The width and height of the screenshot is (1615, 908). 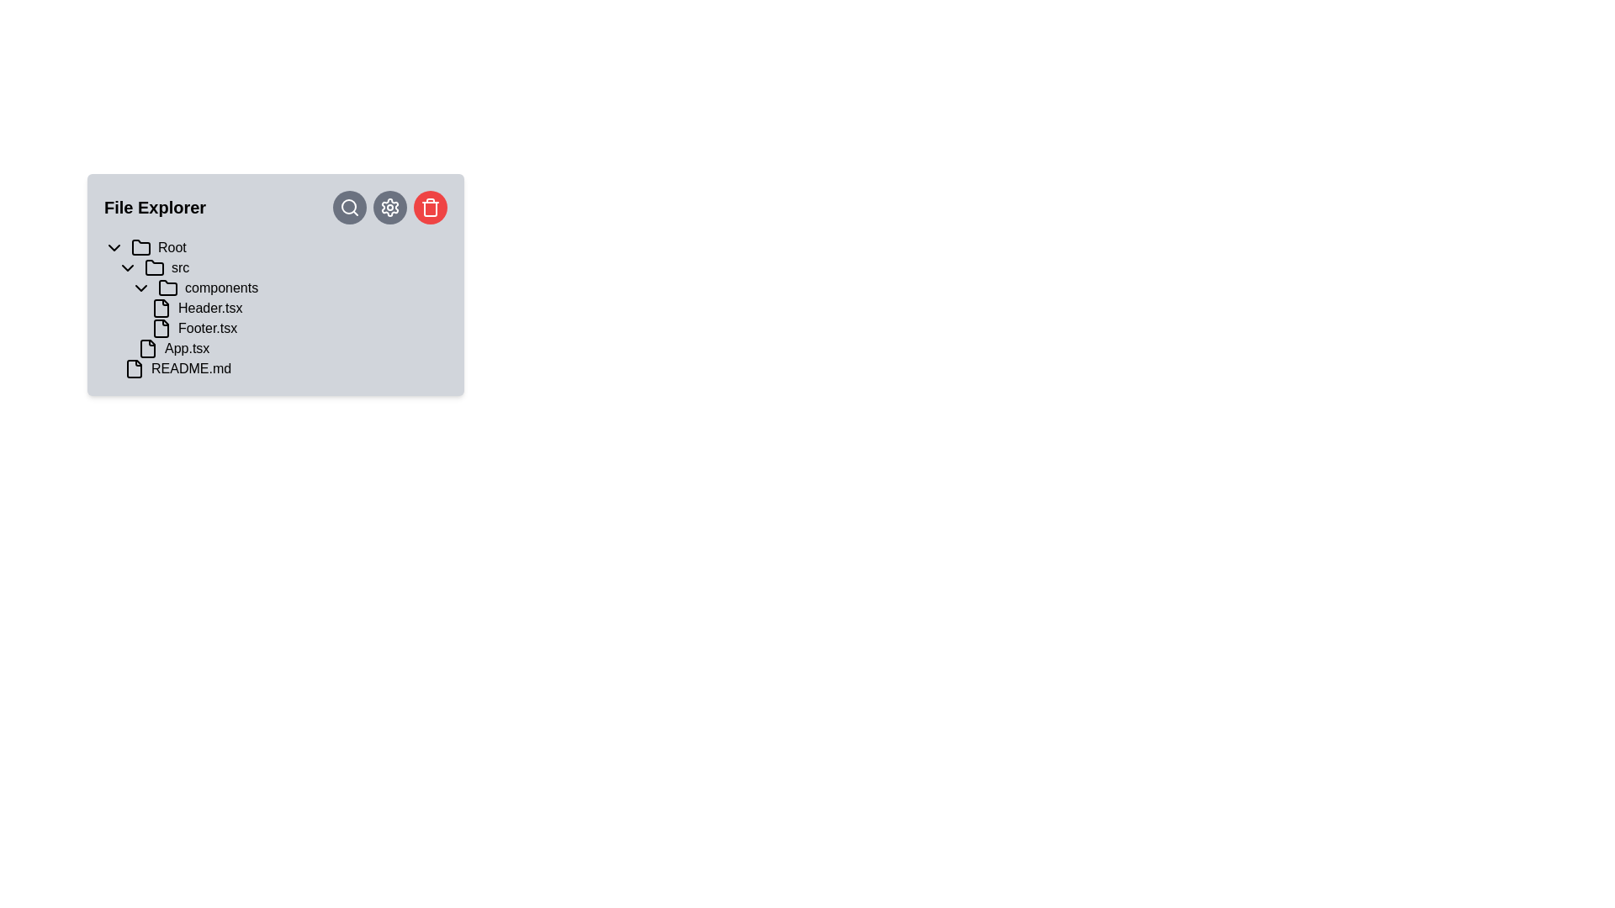 What do you see at coordinates (289, 288) in the screenshot?
I see `the 'components' folder item in the file explorer` at bounding box center [289, 288].